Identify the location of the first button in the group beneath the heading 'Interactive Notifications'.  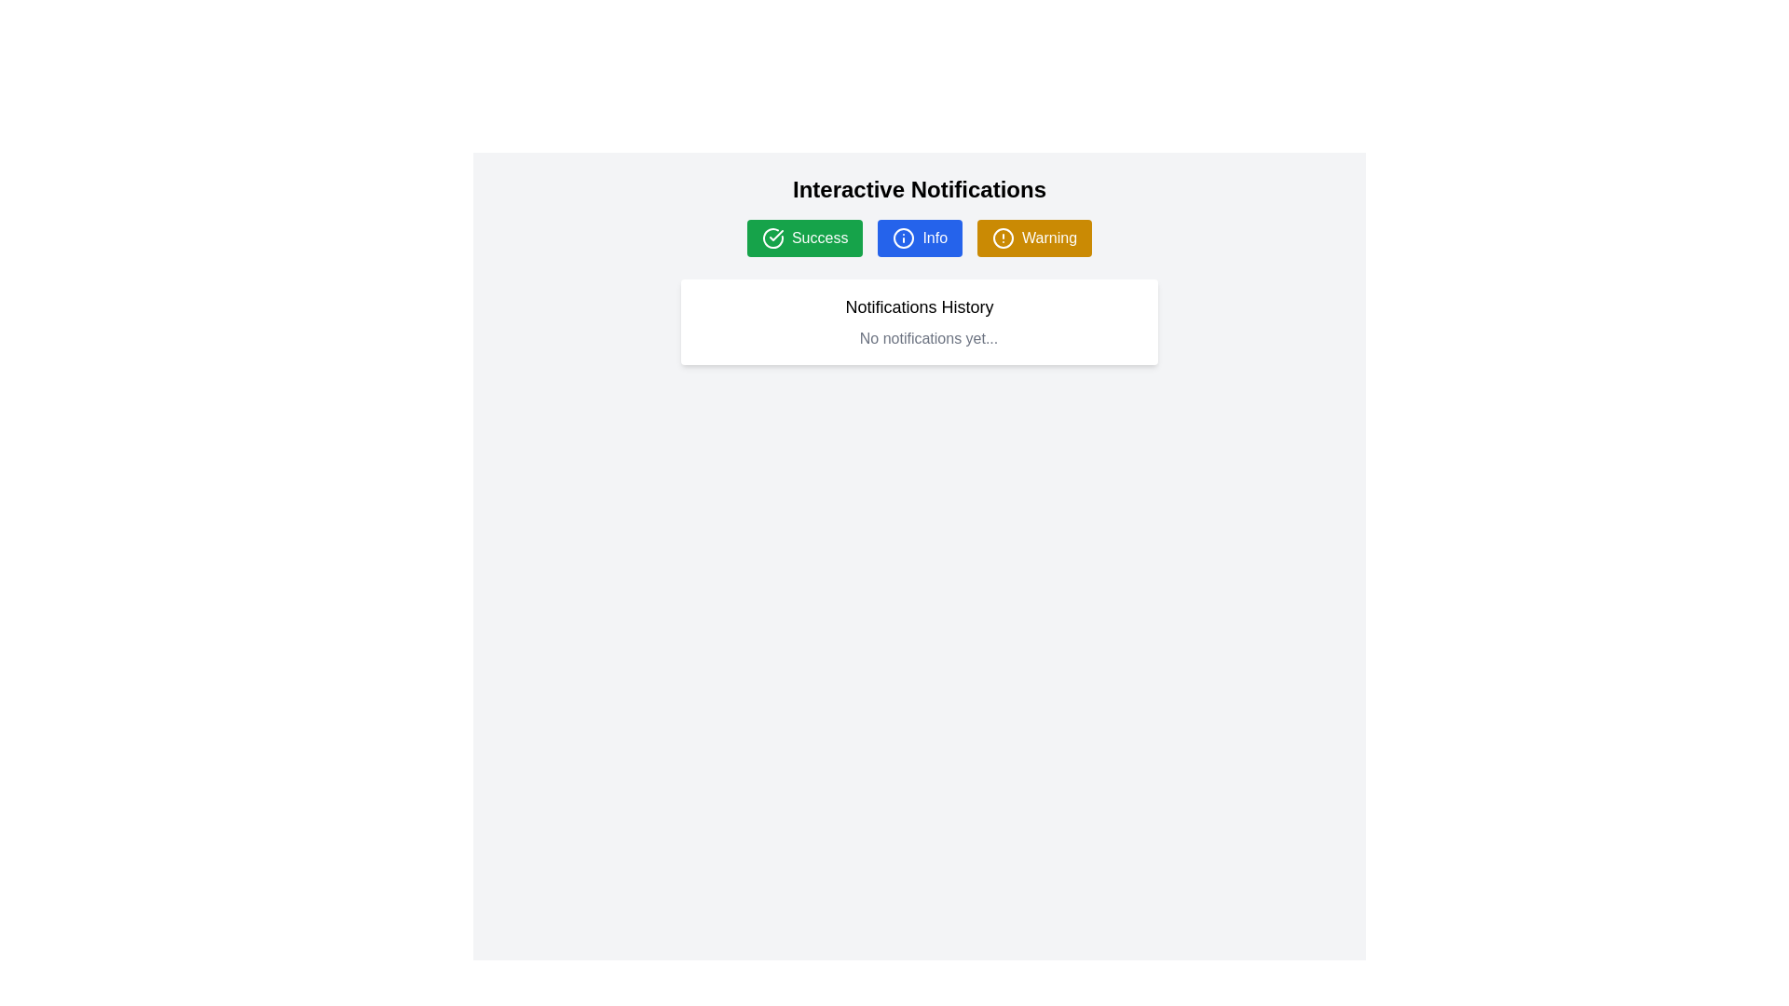
(805, 237).